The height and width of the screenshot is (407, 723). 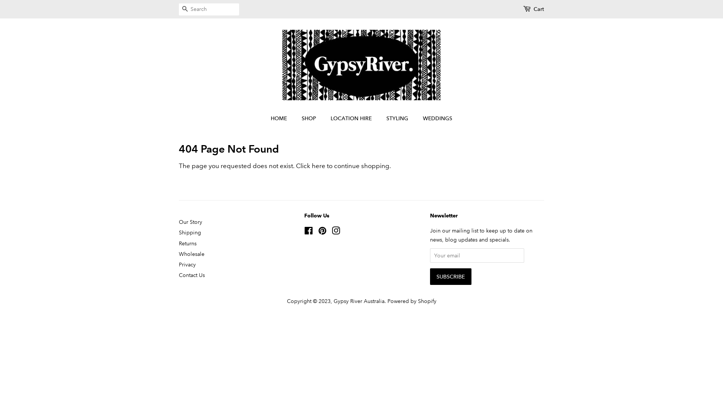 I want to click on 'Contact Us', so click(x=192, y=275).